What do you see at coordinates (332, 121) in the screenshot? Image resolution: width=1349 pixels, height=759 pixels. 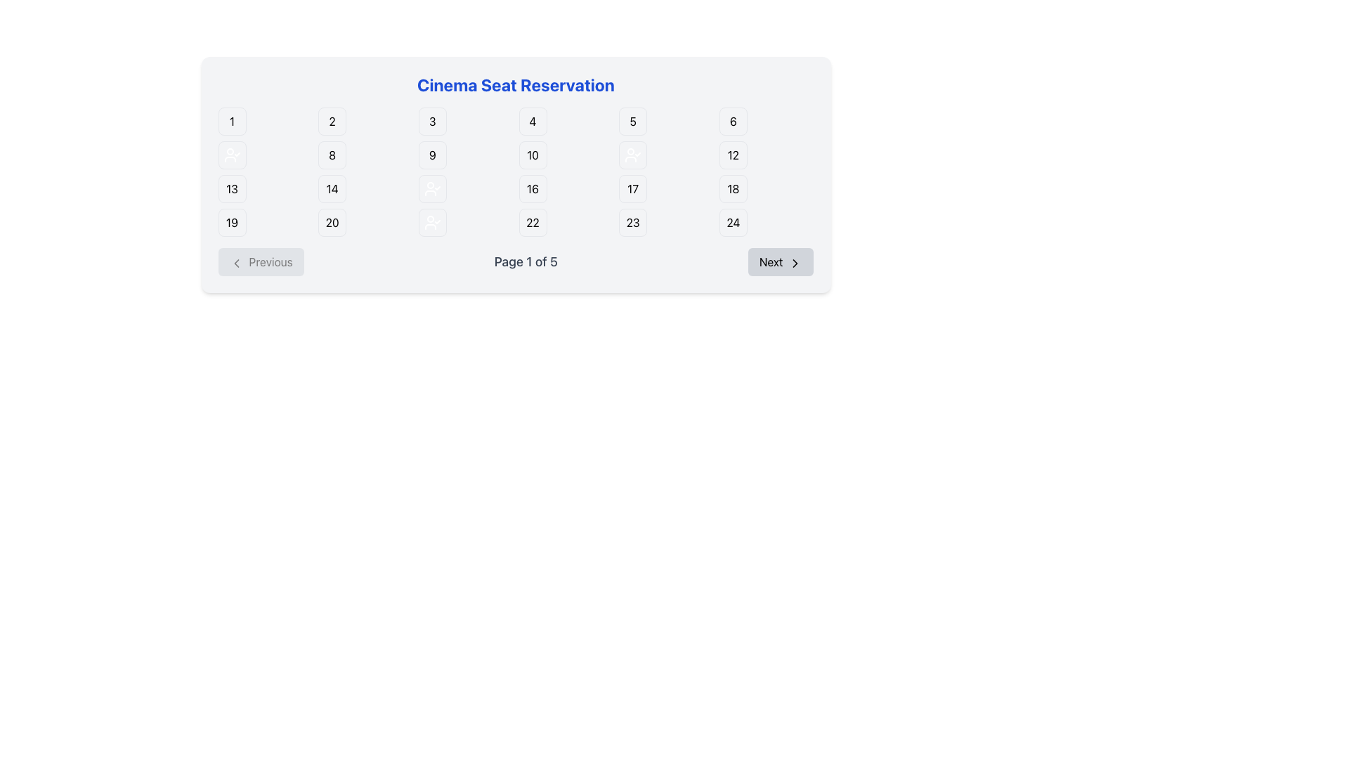 I see `the button displaying the text '2', which is the second item in the horizontal grid of clickable buttons in the seat selection interface` at bounding box center [332, 121].